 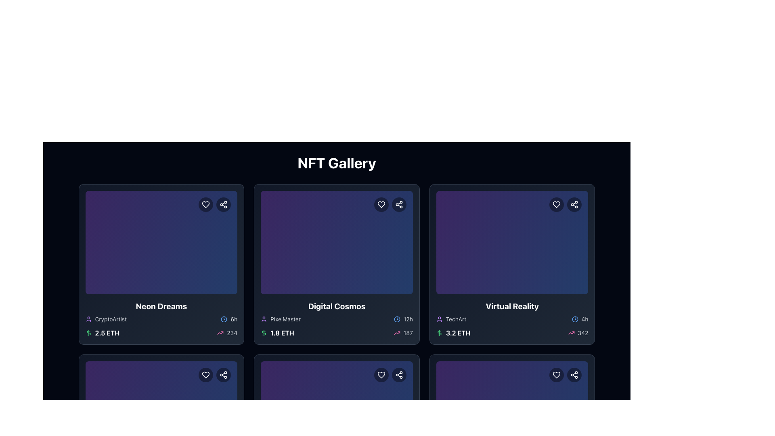 I want to click on the Information bar element displaying '1.8 ETH' located at the bottom of the 'Digital Cosmos' card, so click(x=337, y=333).